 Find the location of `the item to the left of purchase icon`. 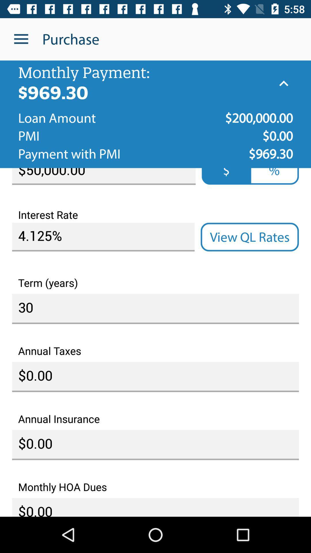

the item to the left of purchase icon is located at coordinates (21, 39).